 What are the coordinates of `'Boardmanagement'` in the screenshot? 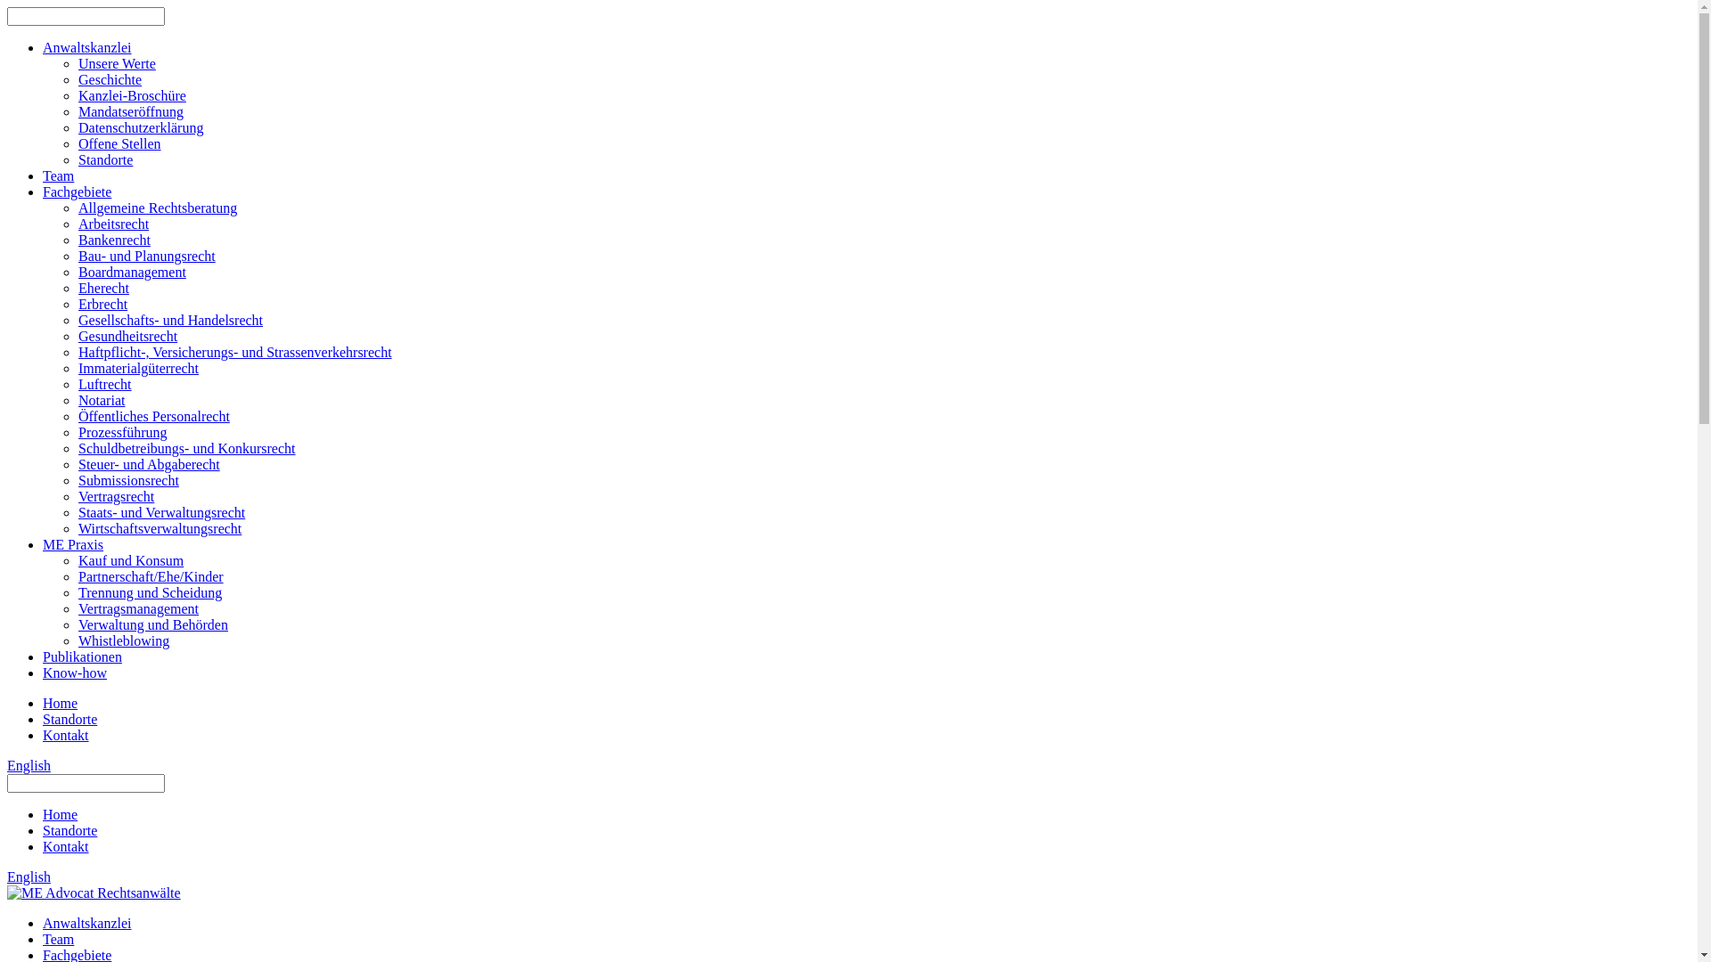 It's located at (131, 272).